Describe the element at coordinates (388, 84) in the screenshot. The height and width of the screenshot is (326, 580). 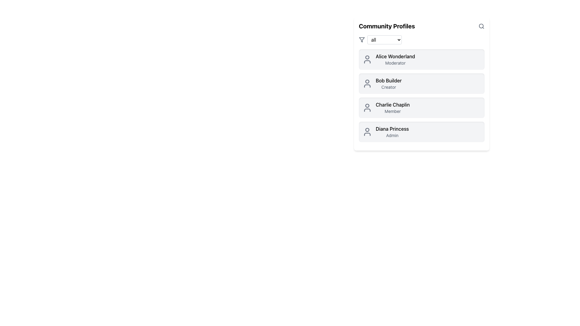
I see `the Text Display element showing the user name 'Bob Builder' and role 'Creator', positioned below 'Alice Wonderland' in the community profile list` at that location.